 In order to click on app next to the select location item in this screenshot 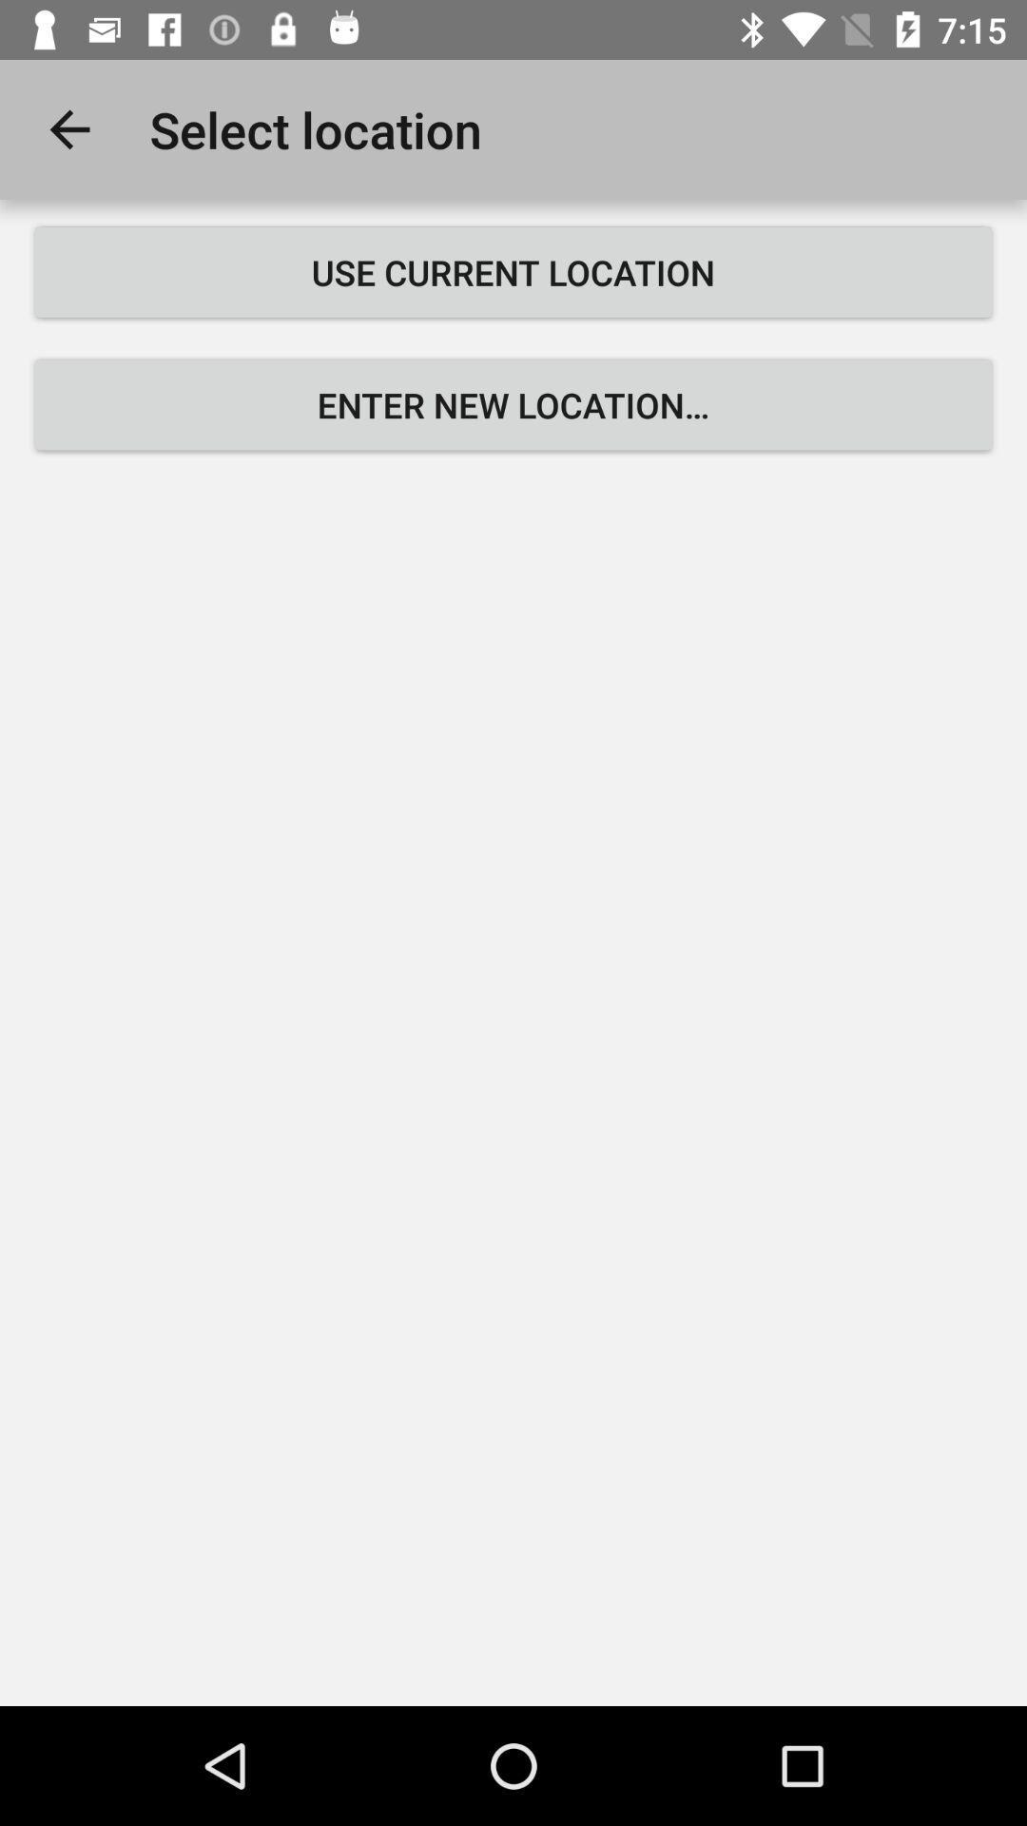, I will do `click(68, 128)`.